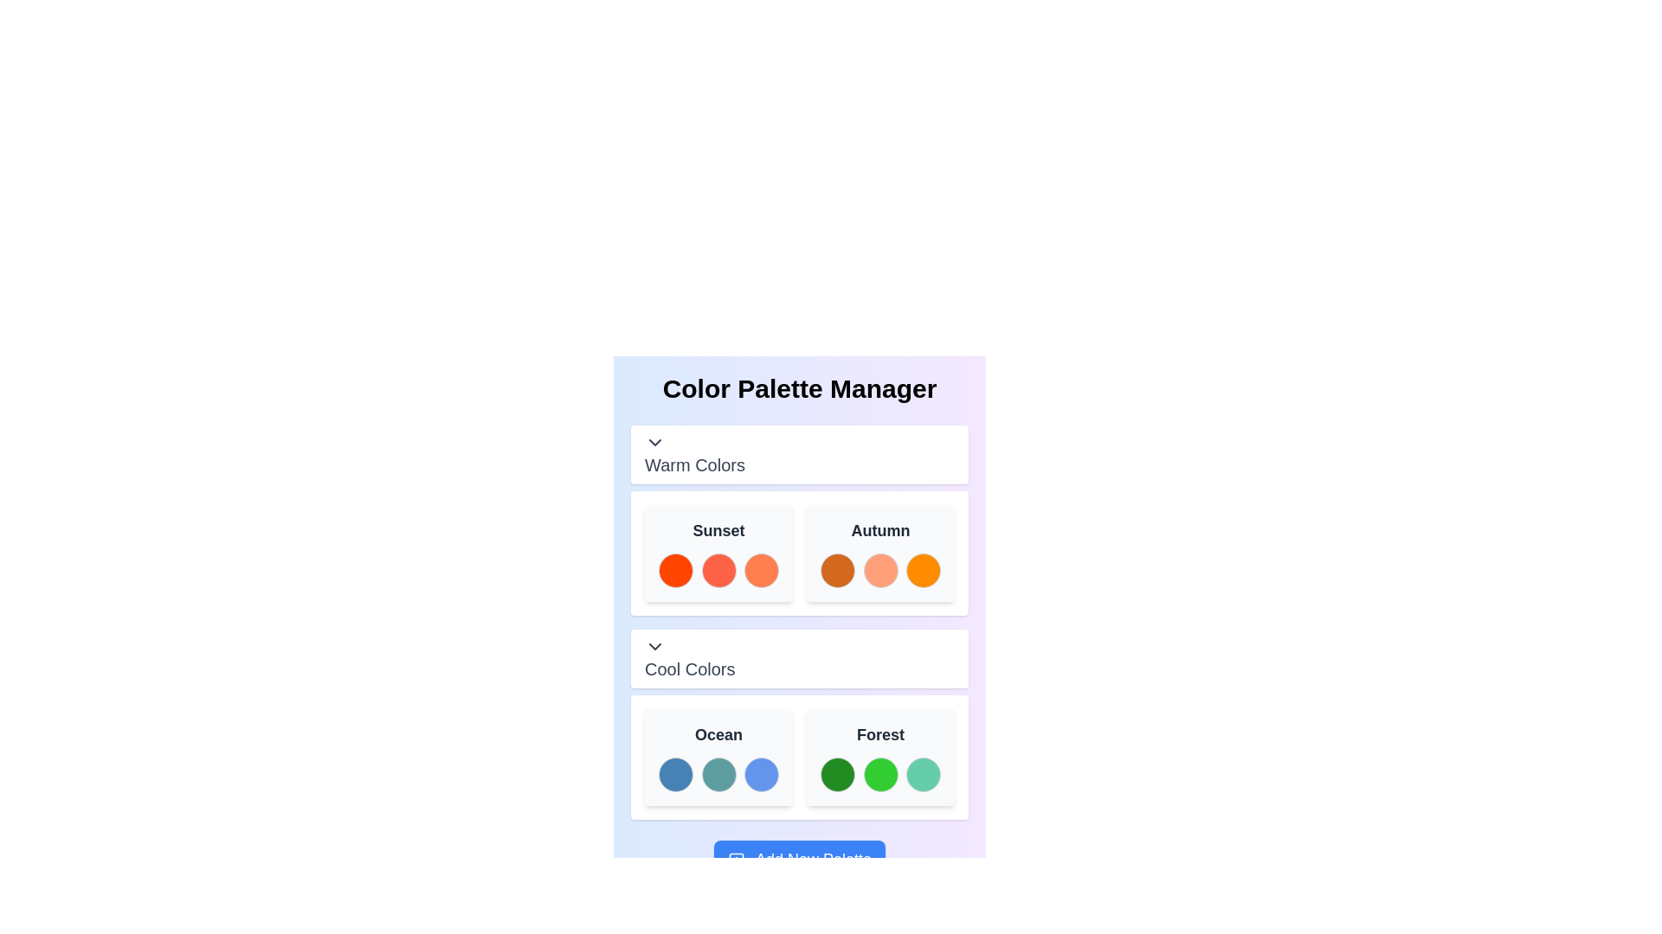 The width and height of the screenshot is (1662, 934). What do you see at coordinates (761, 570) in the screenshot?
I see `the third color swatch in the 'Sunset' palette under the 'Warm Colors' section` at bounding box center [761, 570].